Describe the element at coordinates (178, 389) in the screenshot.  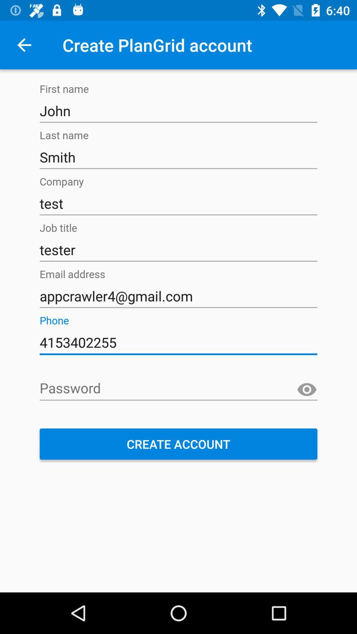
I see `your password for plangrid` at that location.